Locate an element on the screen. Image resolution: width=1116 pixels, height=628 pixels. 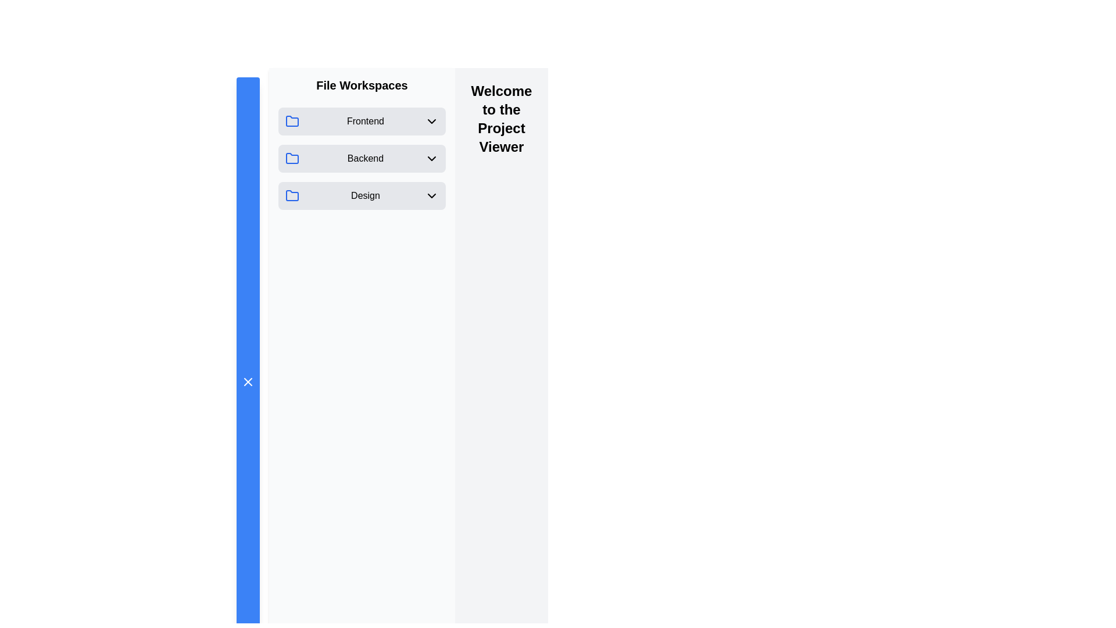
the selectable workspace item labeled 'Design', which is the third item under the 'File Workspaces' section in the left sidebar panel is located at coordinates (362, 195).